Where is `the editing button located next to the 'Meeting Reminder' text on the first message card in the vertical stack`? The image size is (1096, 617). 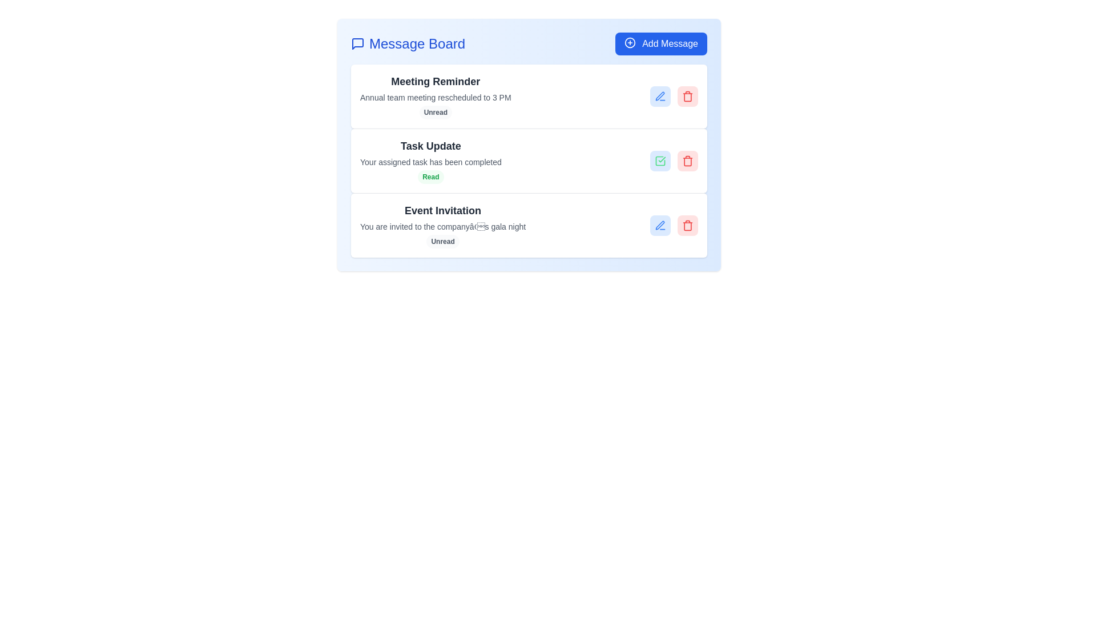 the editing button located next to the 'Meeting Reminder' text on the first message card in the vertical stack is located at coordinates (660, 96).